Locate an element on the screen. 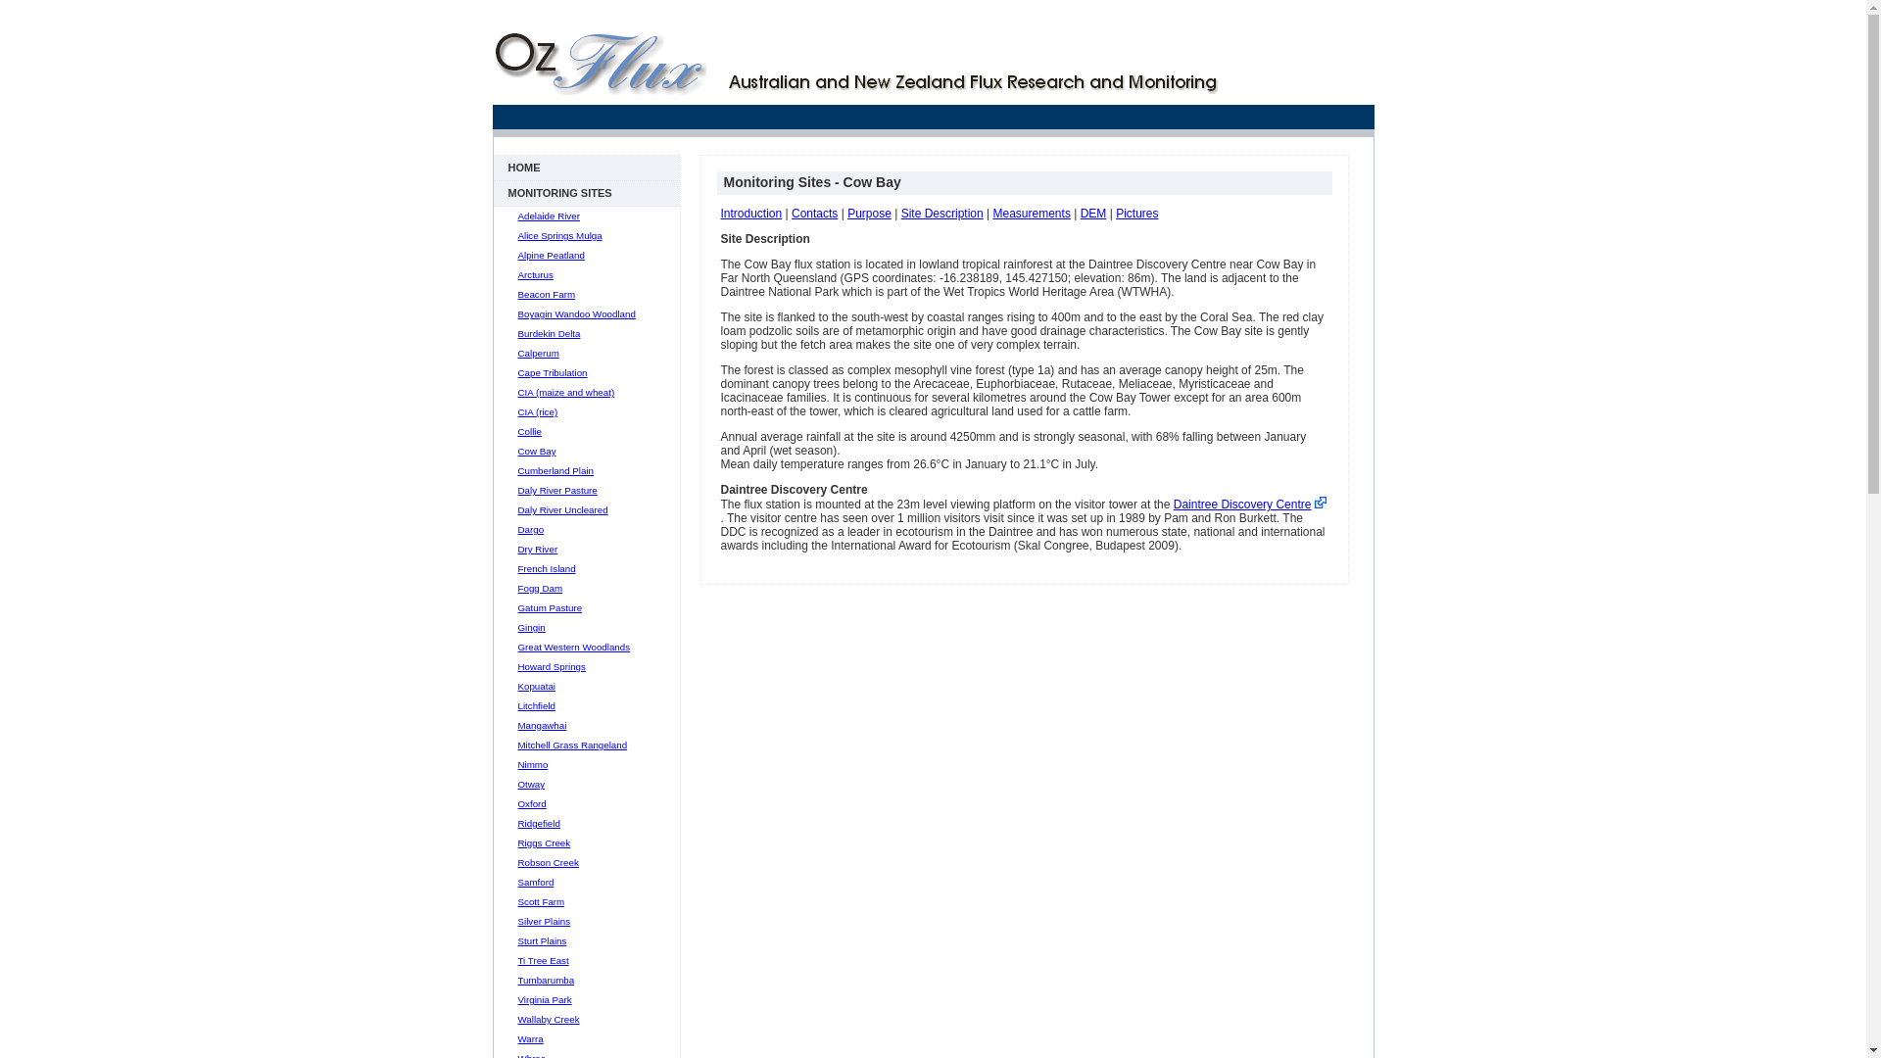 This screenshot has height=1058, width=1881. 'French Island' is located at coordinates (546, 568).